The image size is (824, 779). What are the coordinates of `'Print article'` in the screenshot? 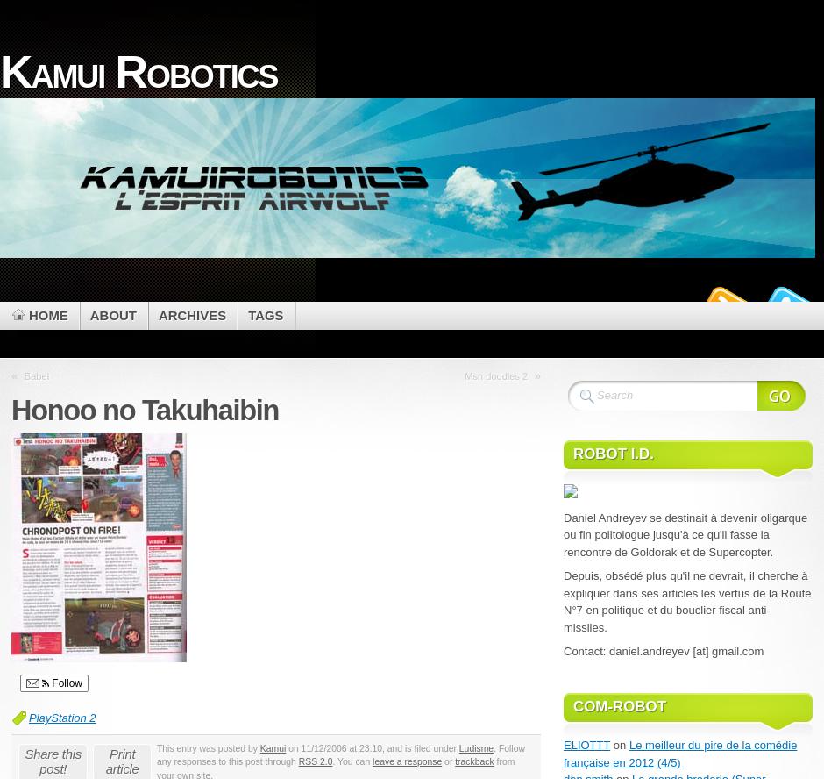 It's located at (121, 761).